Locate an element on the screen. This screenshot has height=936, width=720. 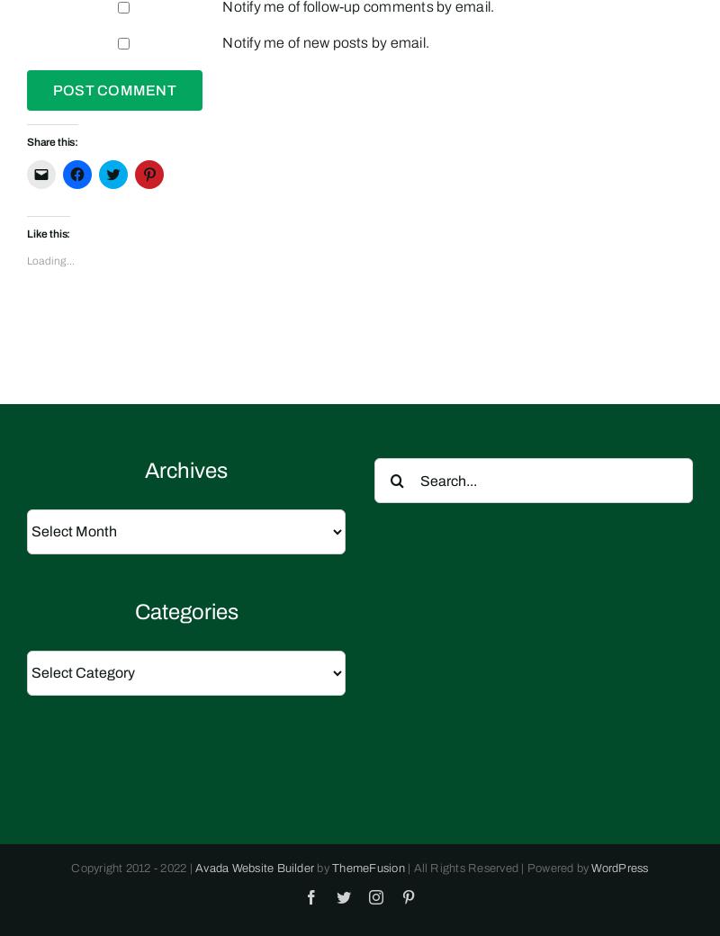
'Copyright 2012 - 2022 |' is located at coordinates (133, 867).